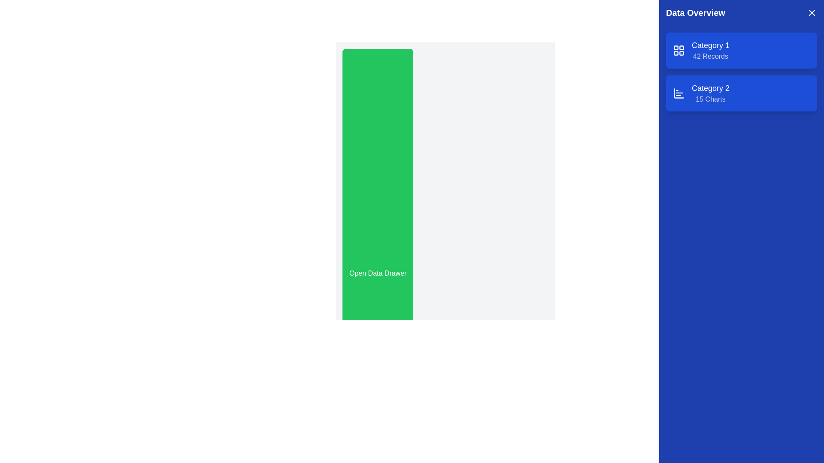 This screenshot has width=824, height=463. Describe the element at coordinates (811, 13) in the screenshot. I see `the close icon in the drawer header to close the drawer` at that location.